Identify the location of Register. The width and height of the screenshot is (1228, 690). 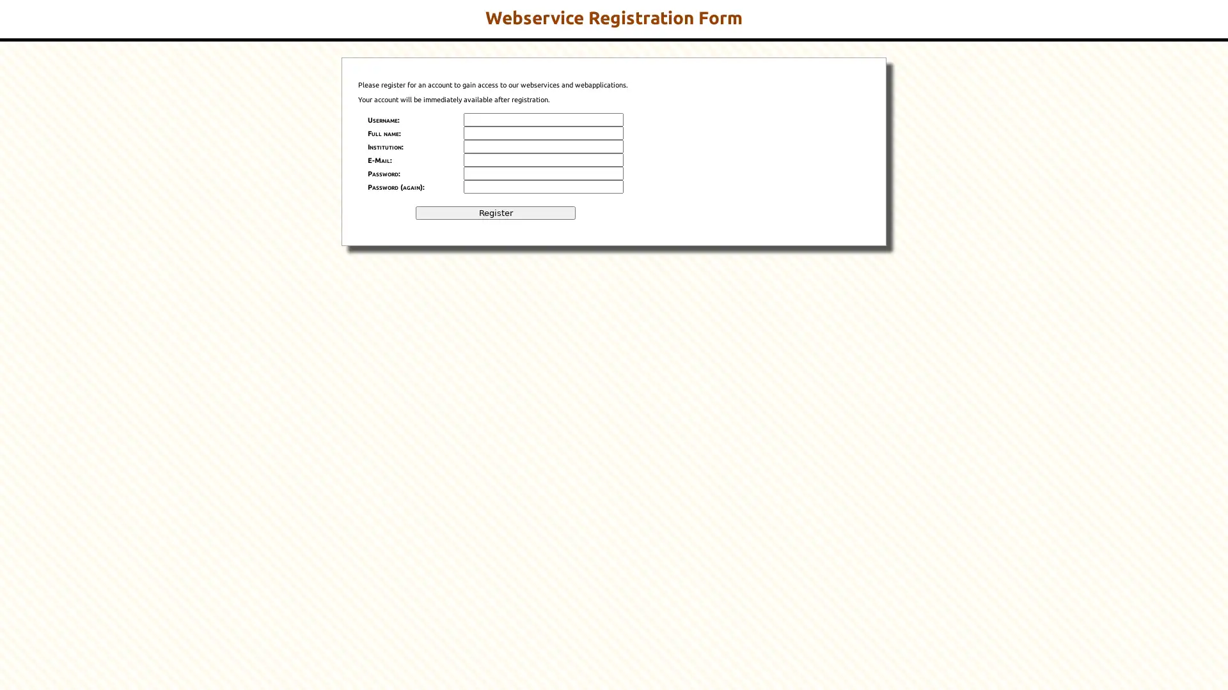
(494, 212).